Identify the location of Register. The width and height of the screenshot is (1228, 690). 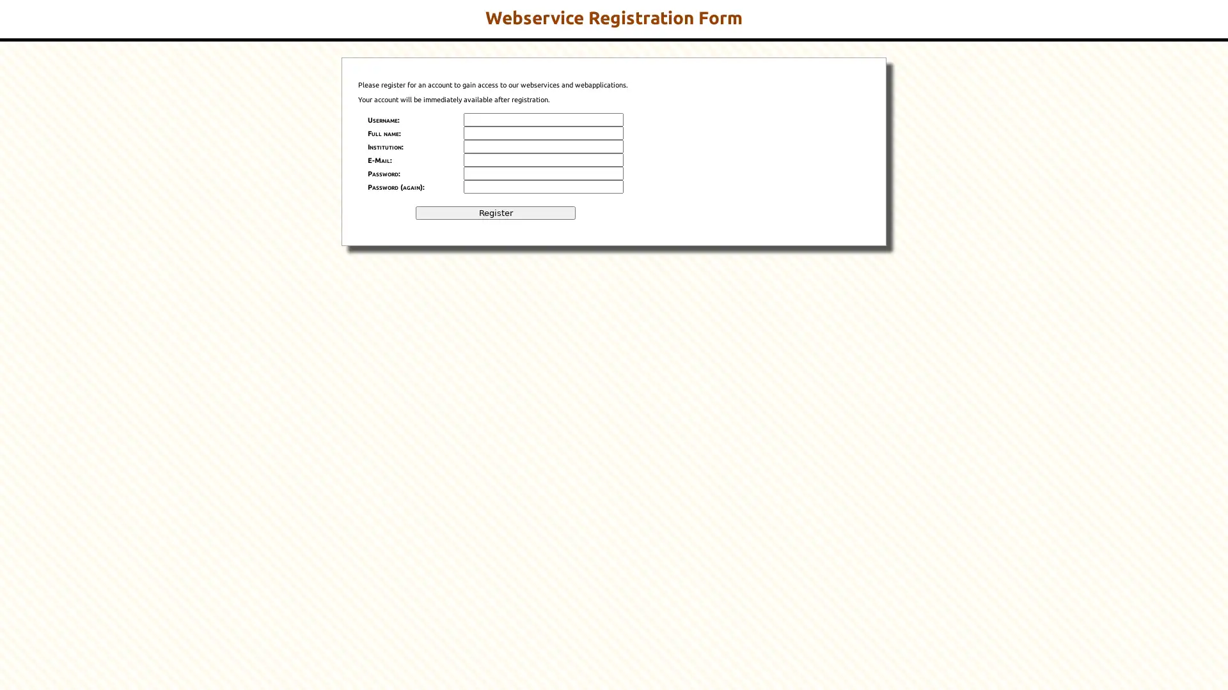
(494, 212).